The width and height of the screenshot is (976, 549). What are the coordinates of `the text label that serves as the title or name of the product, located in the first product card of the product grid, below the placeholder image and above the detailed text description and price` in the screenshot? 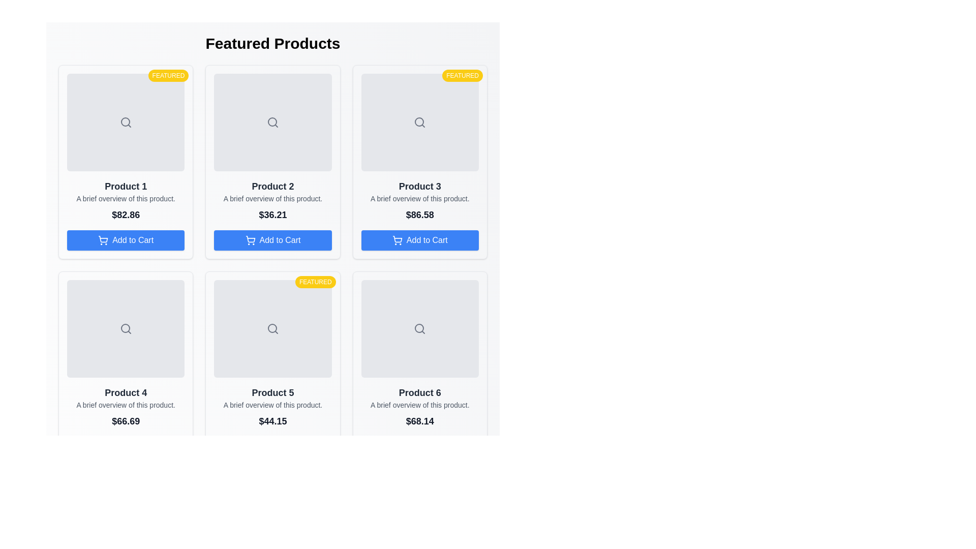 It's located at (125, 186).